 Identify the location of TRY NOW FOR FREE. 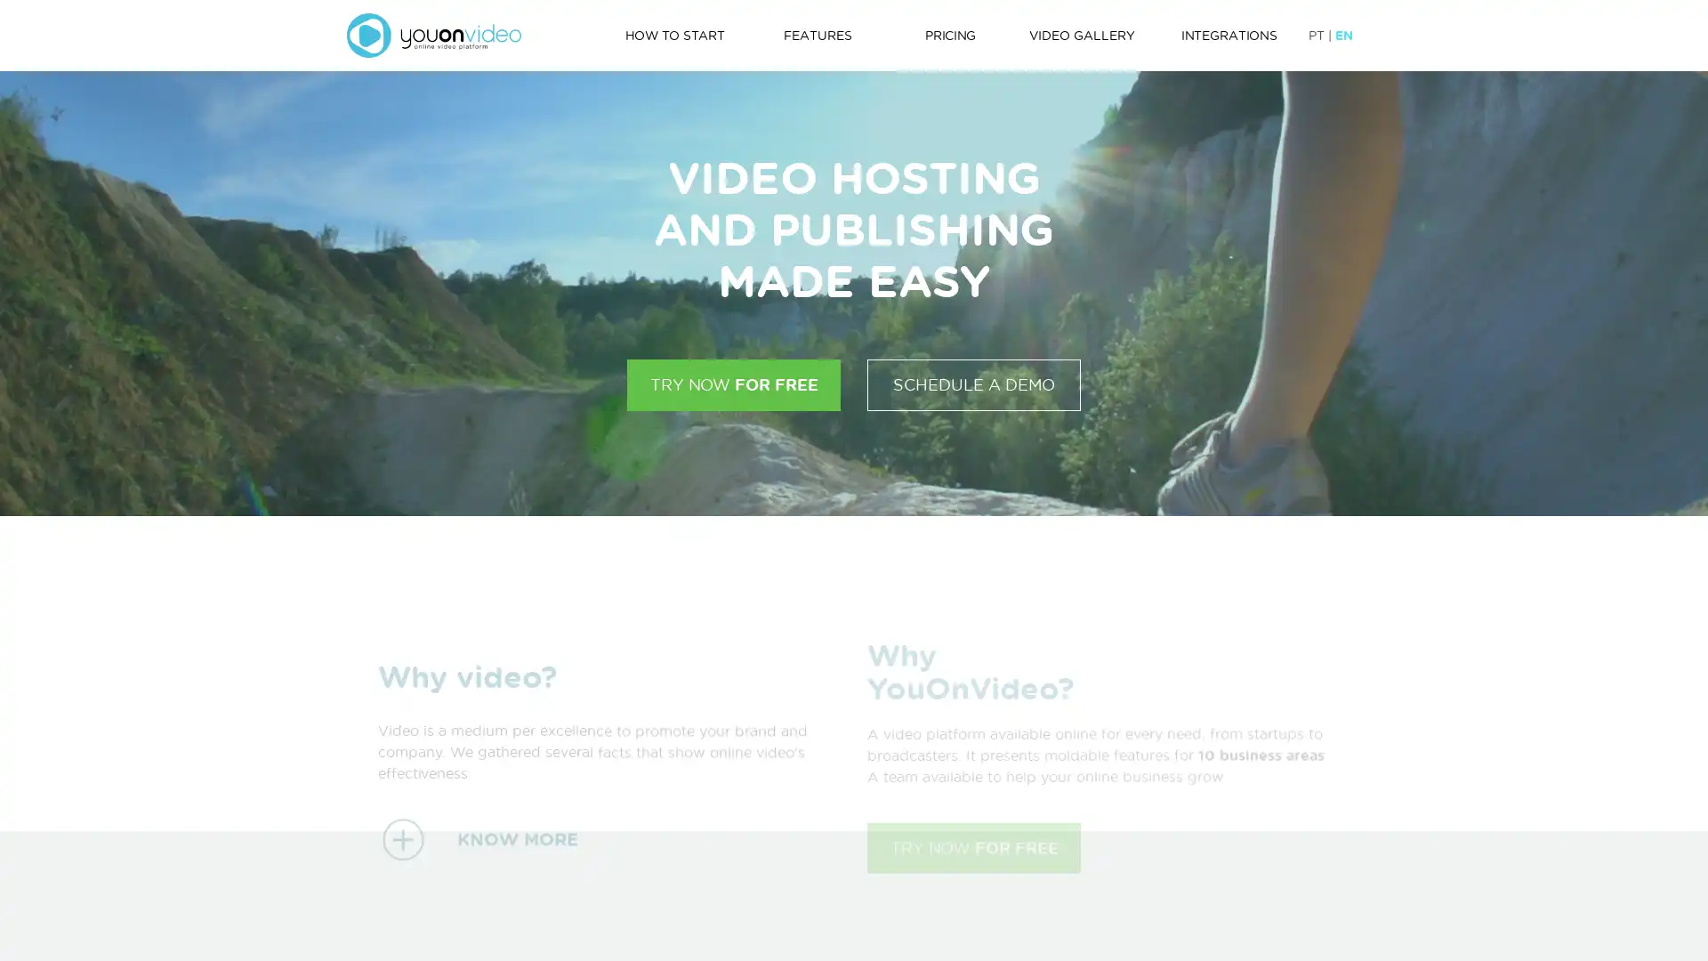
(972, 781).